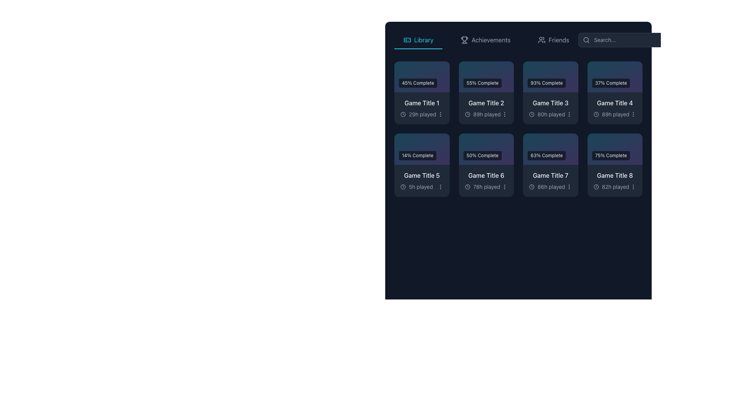 The height and width of the screenshot is (412, 733). Describe the element at coordinates (615, 187) in the screenshot. I see `the text with icon indicating total hours played for 'Game Title 8', located under the game's title within its card layout` at that location.